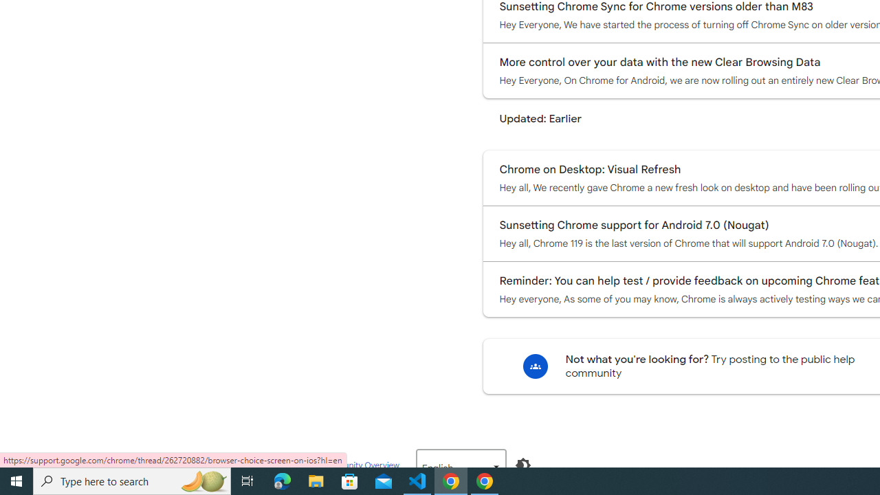 This screenshot has width=880, height=495. Describe the element at coordinates (359, 464) in the screenshot. I see `'Community Overview'` at that location.